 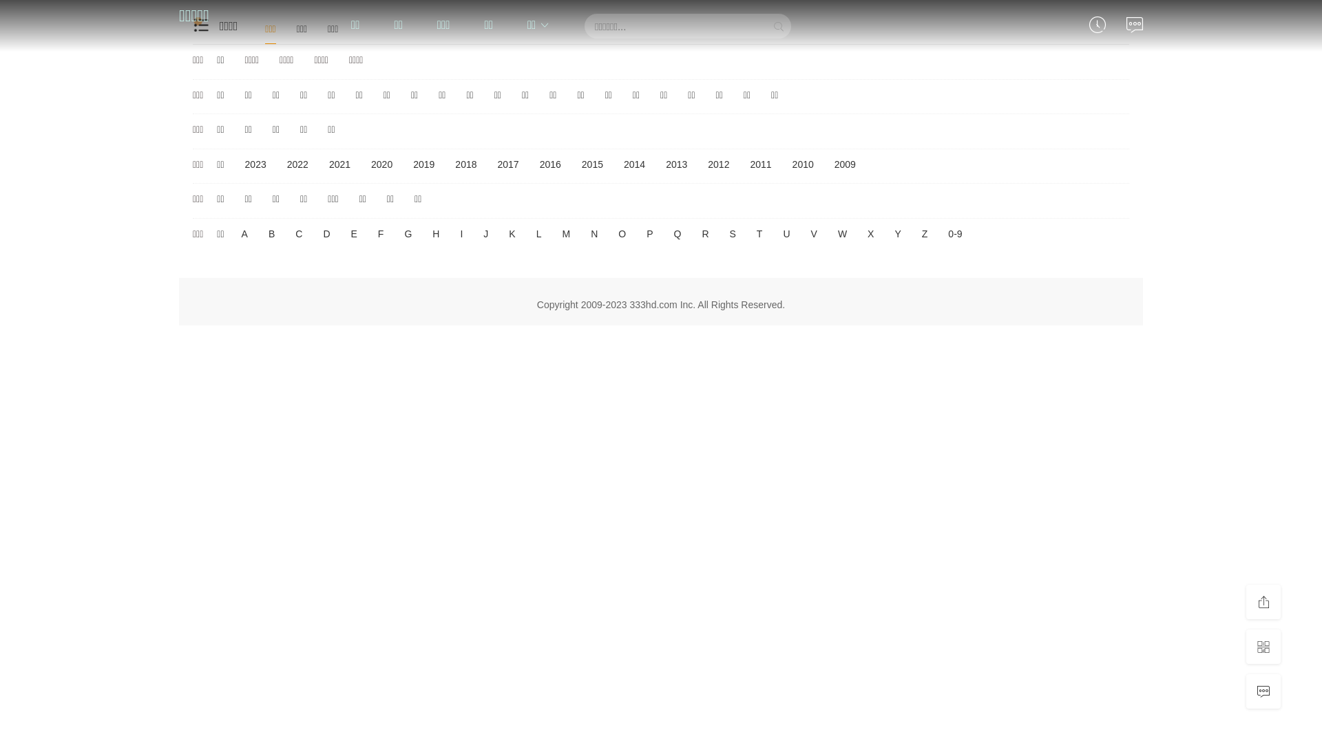 I want to click on 'Z', so click(x=925, y=233).